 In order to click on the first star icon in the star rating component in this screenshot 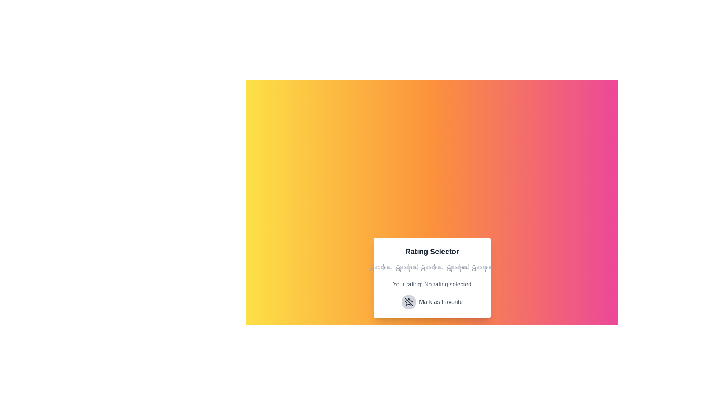, I will do `click(381, 268)`.